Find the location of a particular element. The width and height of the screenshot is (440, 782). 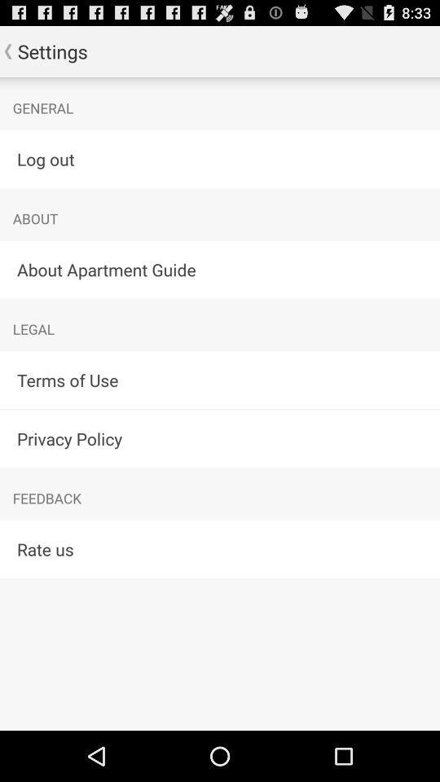

rate us icon is located at coordinates (220, 549).